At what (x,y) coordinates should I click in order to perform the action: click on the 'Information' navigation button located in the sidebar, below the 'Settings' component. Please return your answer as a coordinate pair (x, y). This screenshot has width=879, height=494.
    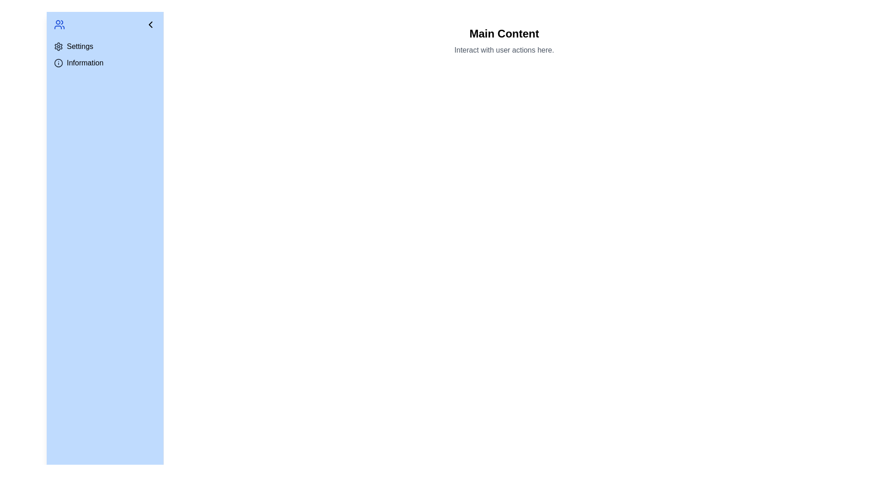
    Looking at the image, I should click on (105, 63).